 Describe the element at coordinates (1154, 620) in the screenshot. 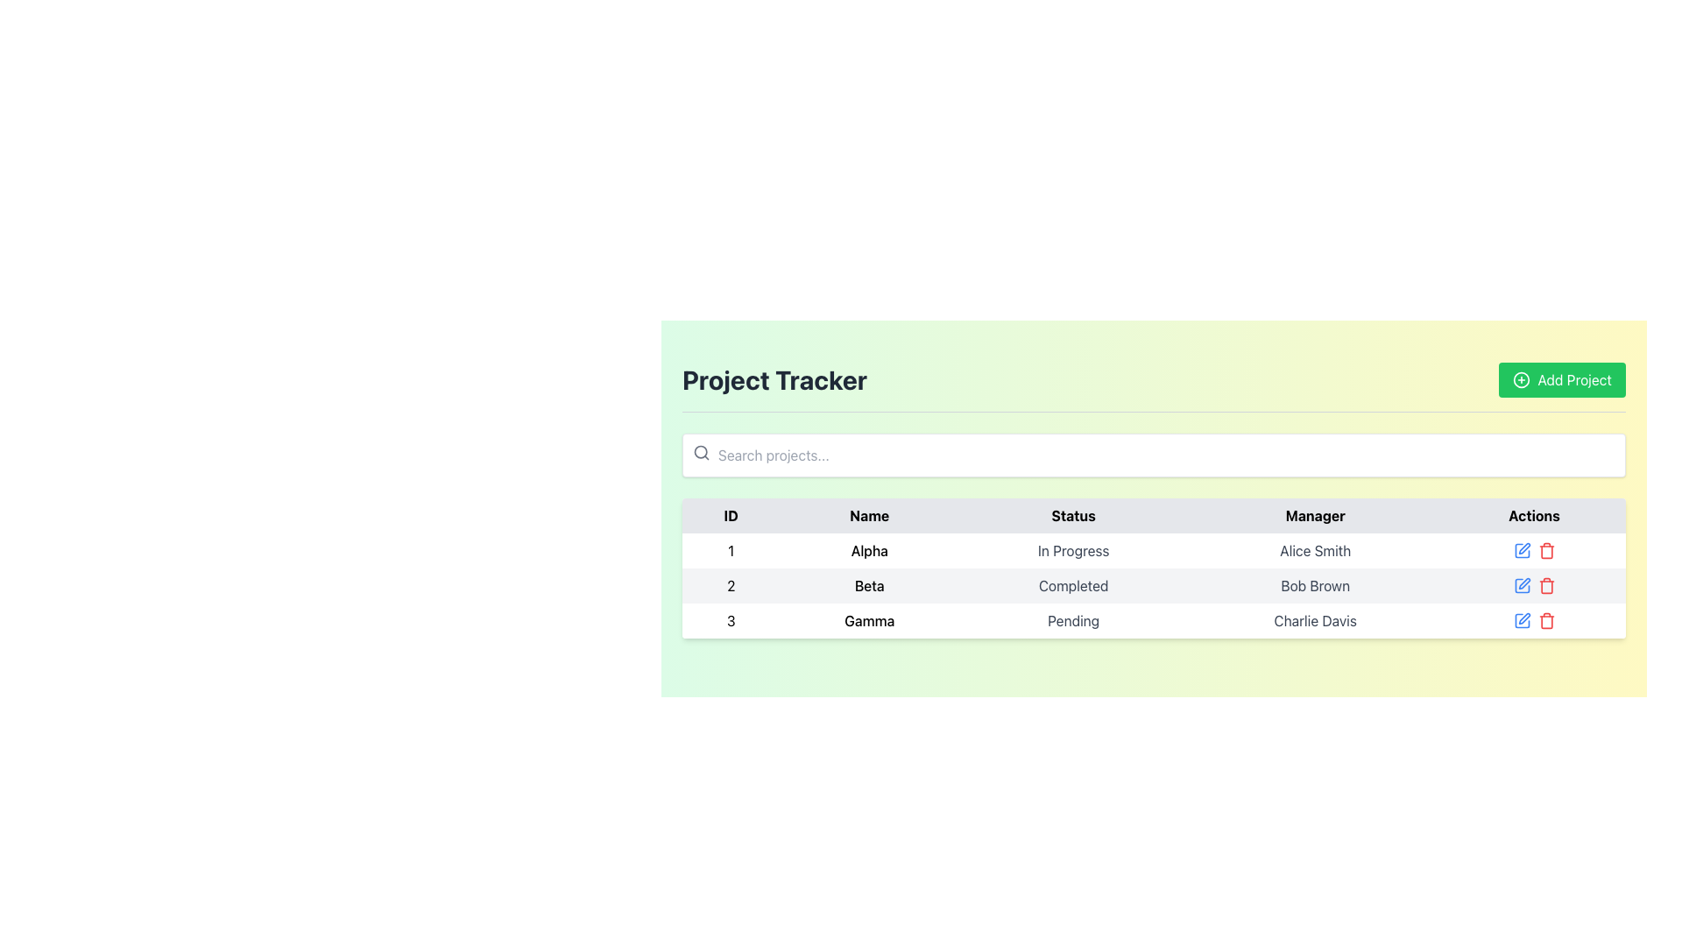

I see `the third row in the table that contains the items '3', 'Gamma', 'Pending', and 'Charlie Davis', which is styled with alternating background colors and highlights in yellow on hover` at that location.